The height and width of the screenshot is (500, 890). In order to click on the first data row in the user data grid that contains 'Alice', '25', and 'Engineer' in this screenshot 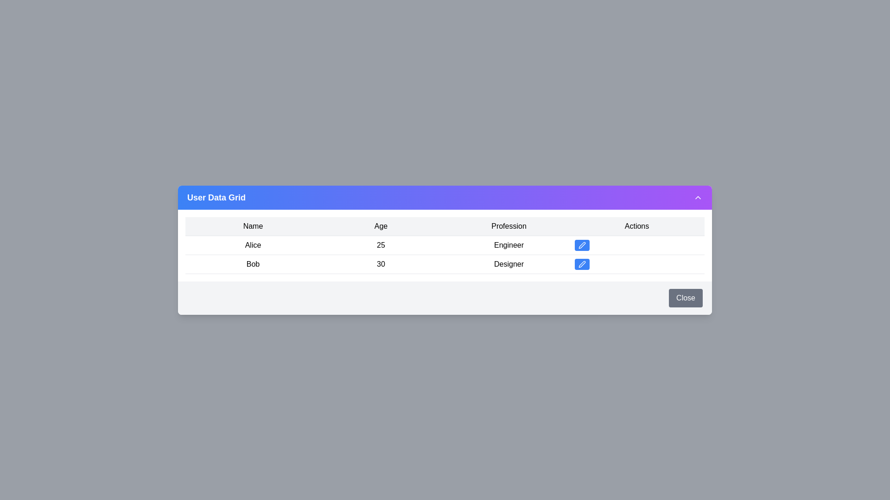, I will do `click(445, 244)`.